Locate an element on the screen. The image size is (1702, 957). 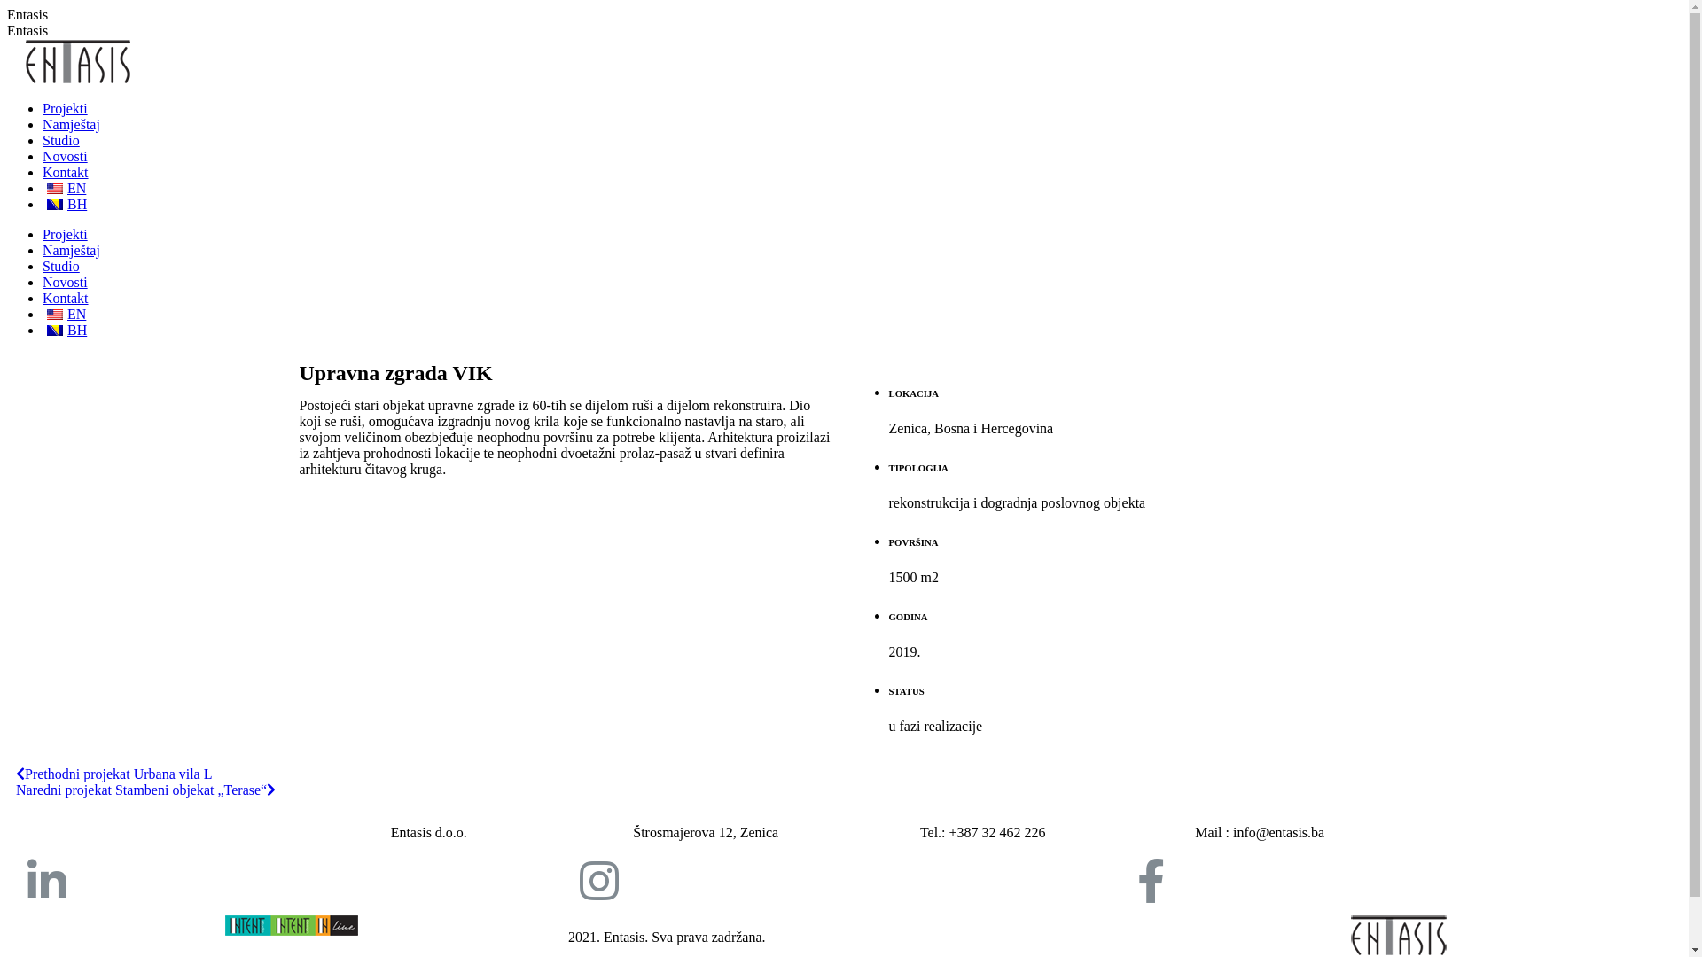
'English' is located at coordinates (46, 313).